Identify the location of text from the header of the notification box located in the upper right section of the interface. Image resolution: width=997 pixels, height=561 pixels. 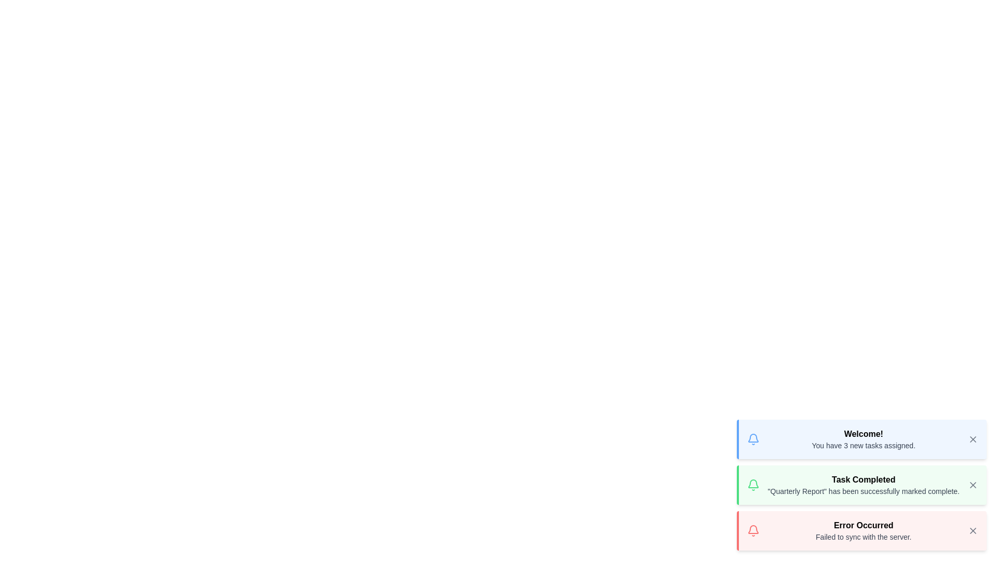
(864, 434).